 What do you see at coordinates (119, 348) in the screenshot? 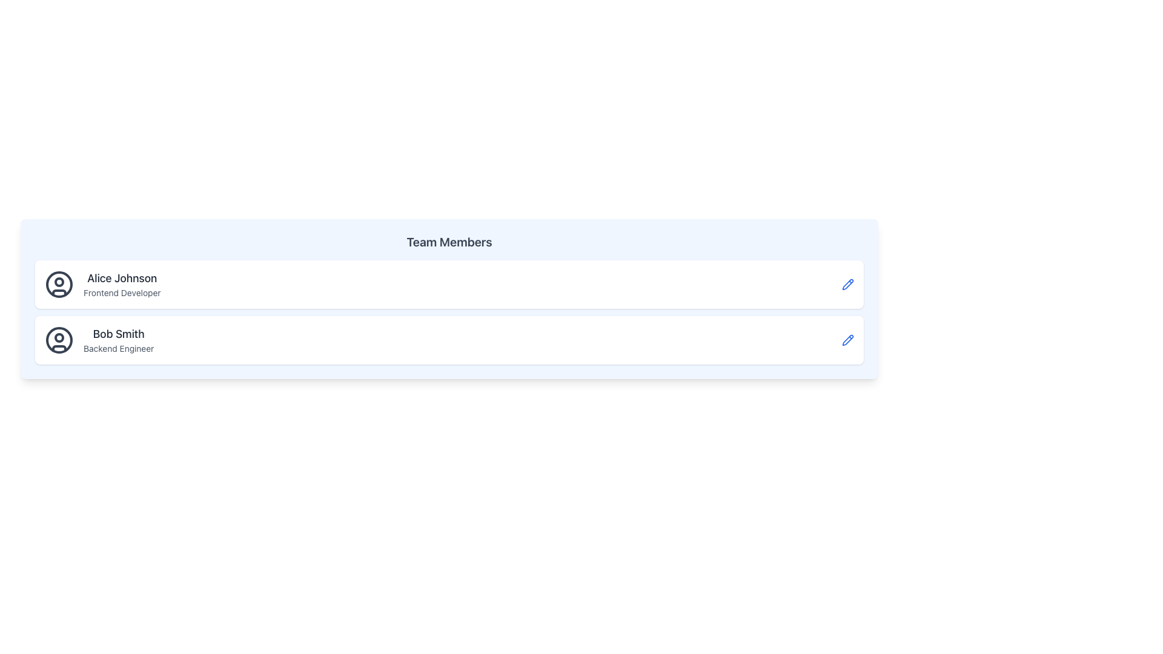
I see `the text label displaying 'Backend Engineer' positioned below 'Bob Smith' in a gray font style` at bounding box center [119, 348].